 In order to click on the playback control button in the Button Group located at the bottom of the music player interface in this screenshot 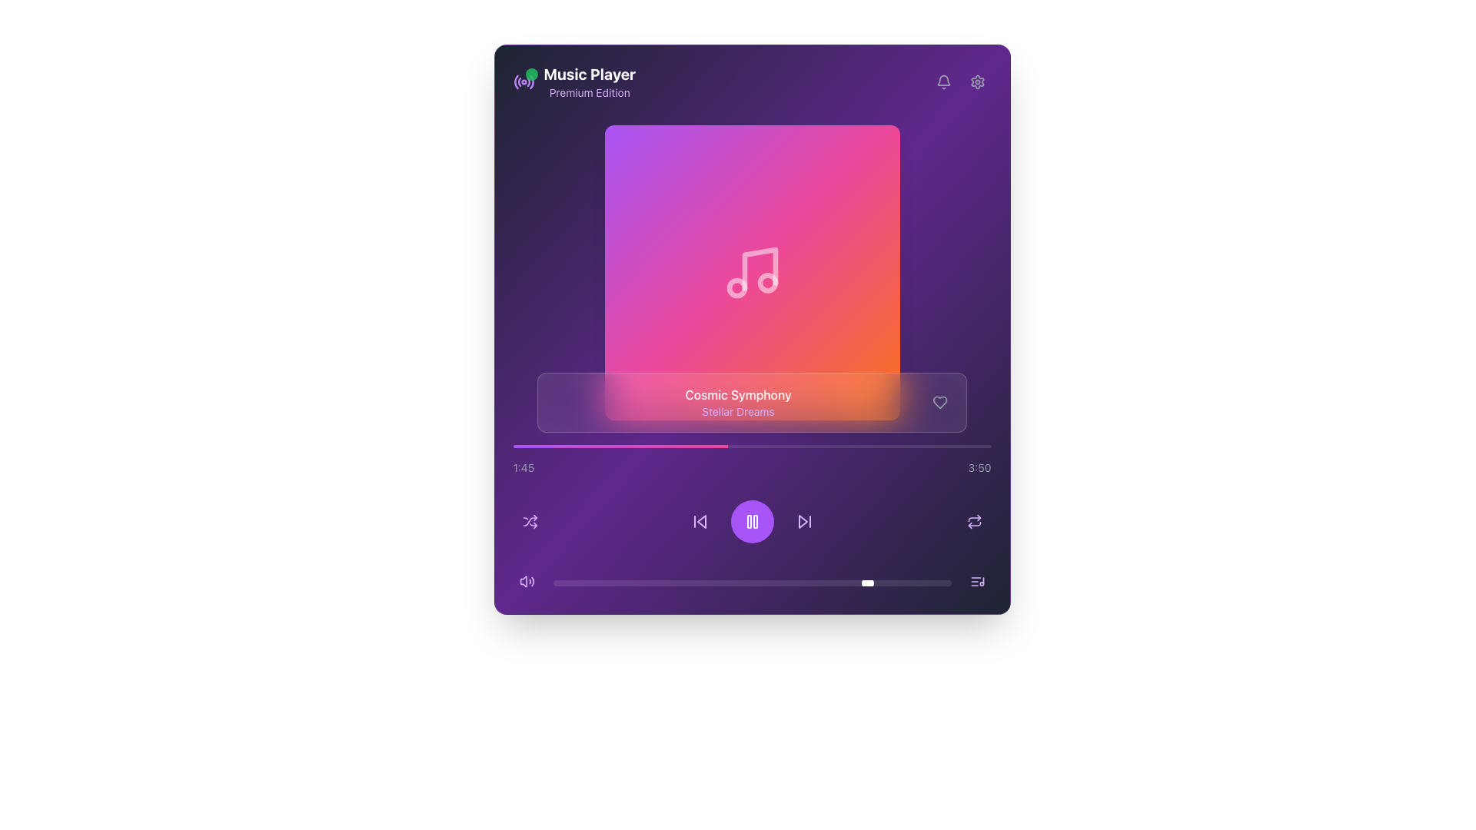, I will do `click(752, 520)`.